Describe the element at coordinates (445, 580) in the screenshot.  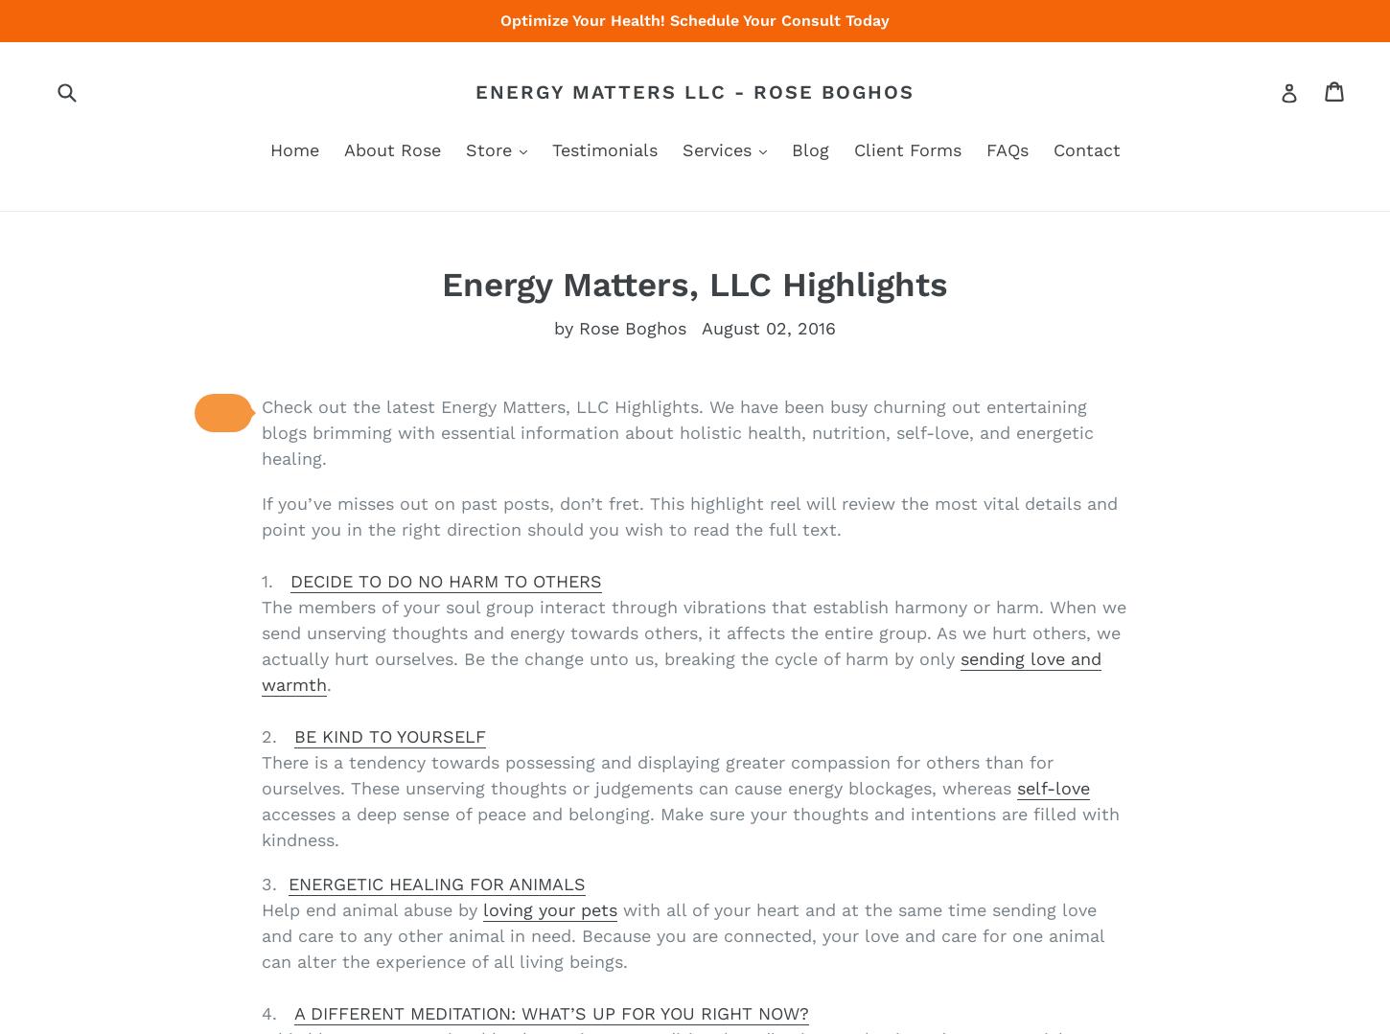
I see `'DECIDE TO DO NO HARM TO OTHERS'` at that location.